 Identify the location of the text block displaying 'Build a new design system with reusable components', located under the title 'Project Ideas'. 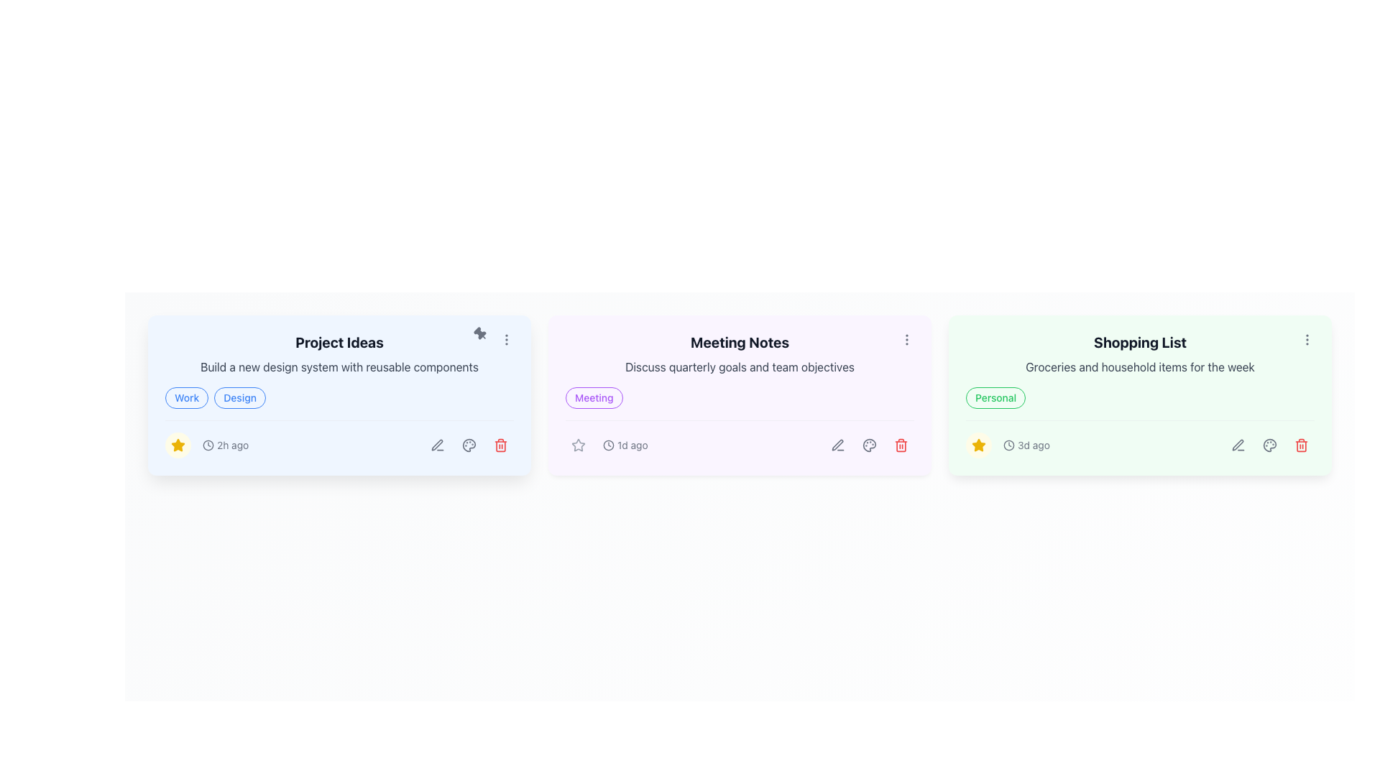
(339, 366).